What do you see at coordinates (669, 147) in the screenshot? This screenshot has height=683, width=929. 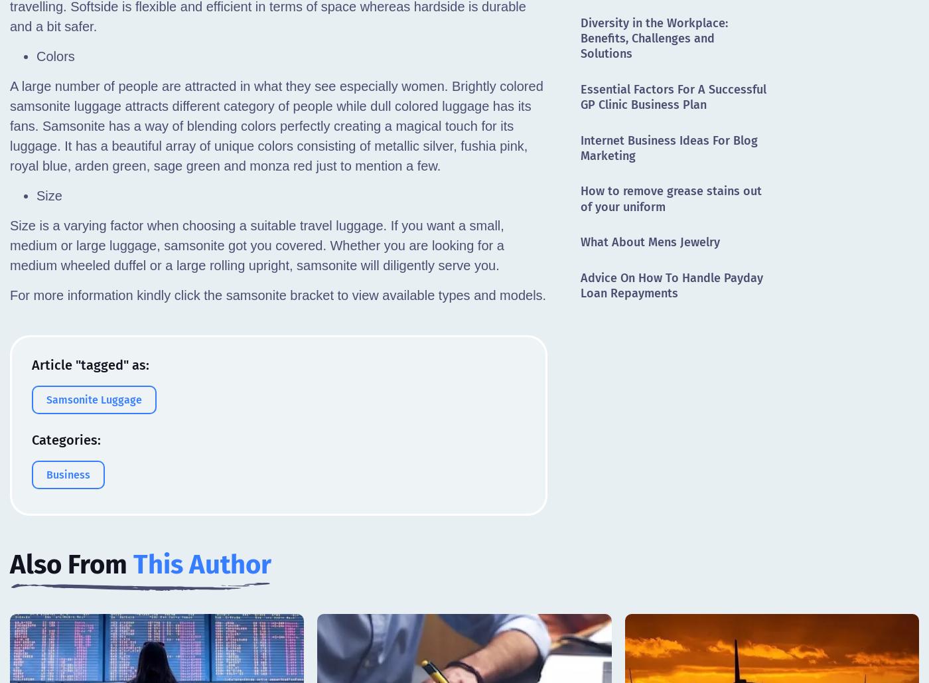 I see `'Internet Business Ideas For Blog Marketing'` at bounding box center [669, 147].